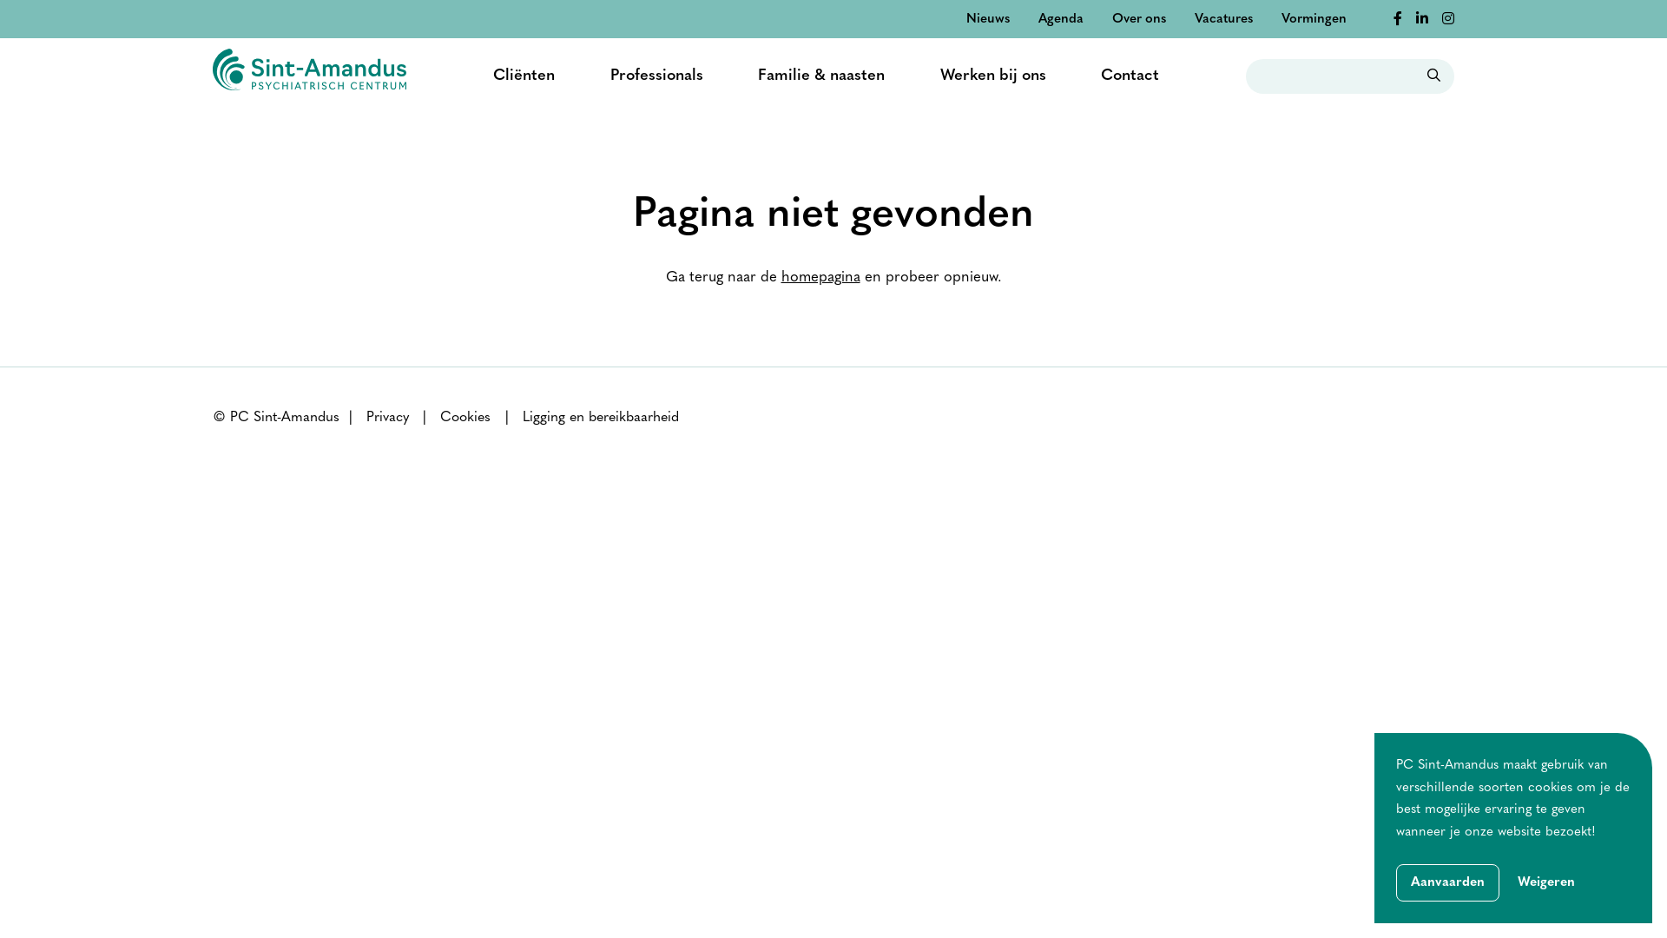 The width and height of the screenshot is (1667, 938). Describe the element at coordinates (1060, 19) in the screenshot. I see `'Agenda'` at that location.